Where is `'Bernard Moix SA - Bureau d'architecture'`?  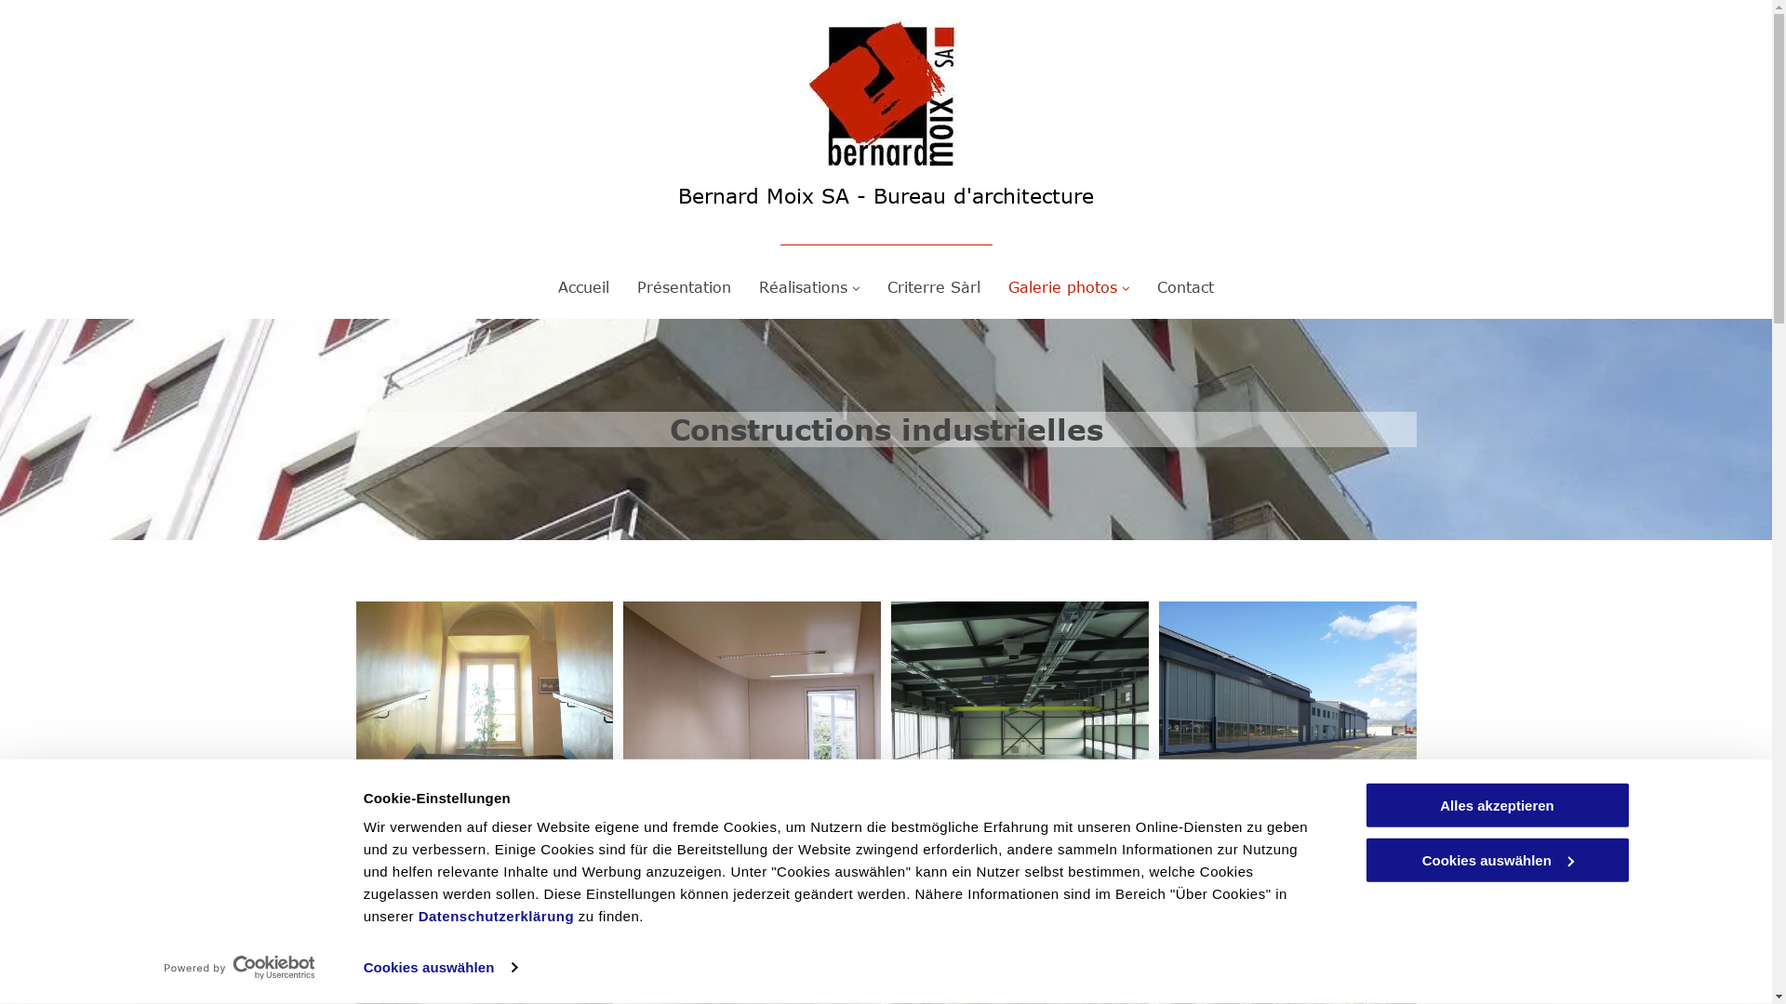 'Bernard Moix SA - Bureau d'architecture' is located at coordinates (885, 194).